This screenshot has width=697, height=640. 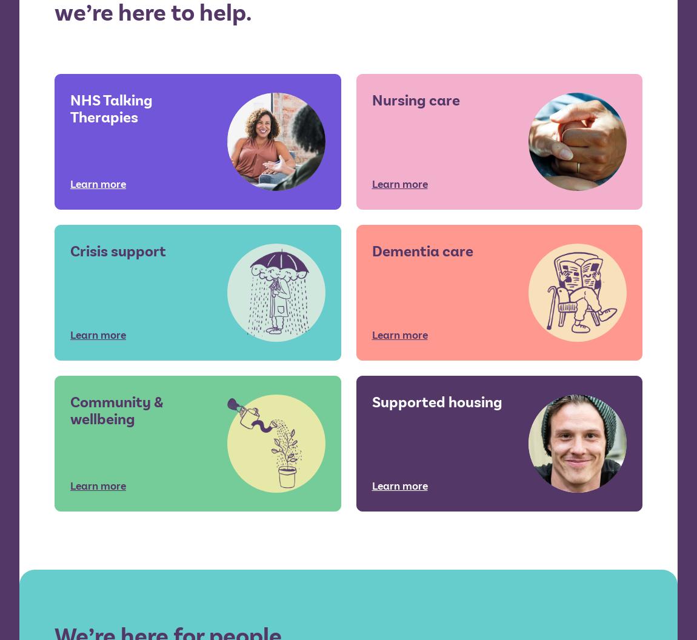 I want to click on 'Website accessibility', so click(x=419, y=351).